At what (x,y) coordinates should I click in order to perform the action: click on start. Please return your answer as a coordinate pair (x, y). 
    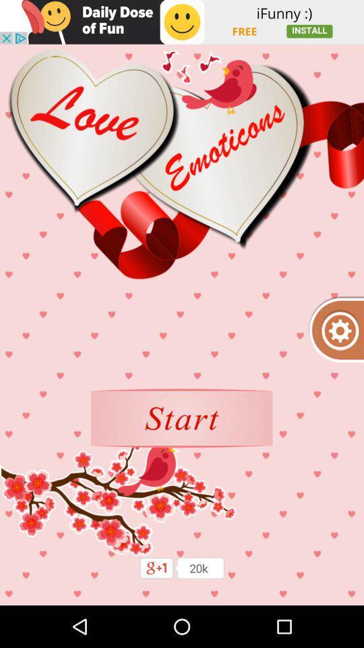
    Looking at the image, I should click on (181, 417).